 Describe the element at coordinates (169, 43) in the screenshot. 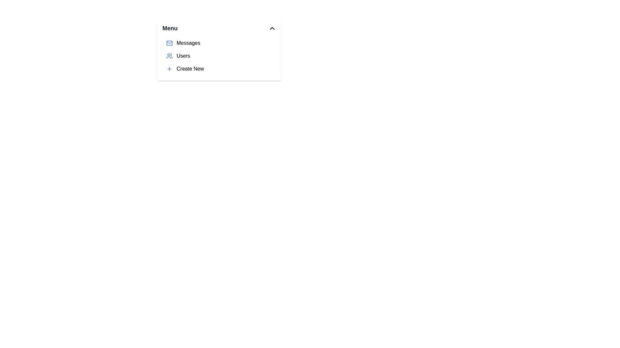

I see `the messages menu icon located to the left of the 'Messages' label in the first row of menu items` at that location.